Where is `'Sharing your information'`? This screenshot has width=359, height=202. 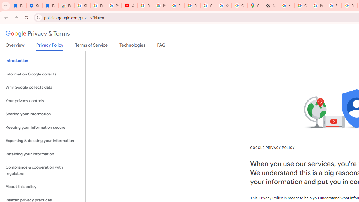 'Sharing your information' is located at coordinates (42, 114).